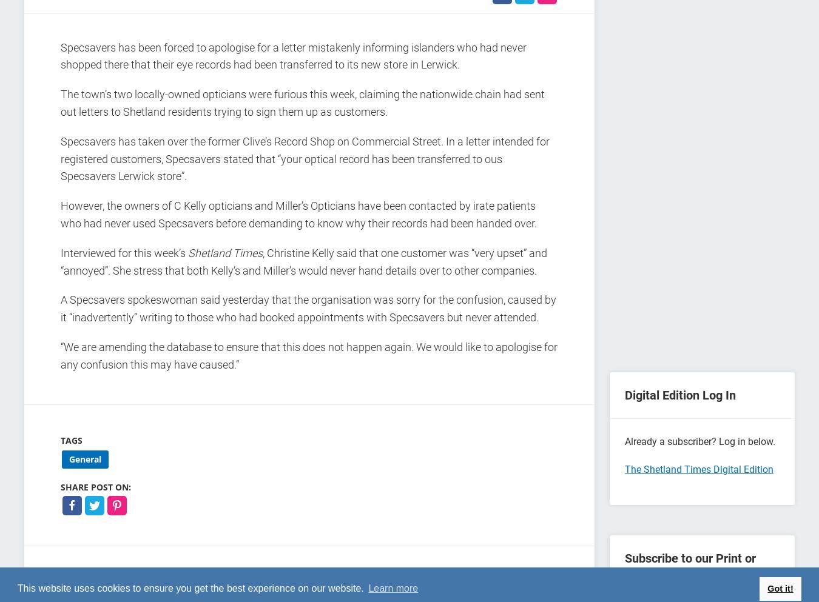 The height and width of the screenshot is (602, 819). I want to click on 'This website uses cookies to ensure you get the best experience on our website.', so click(191, 588).